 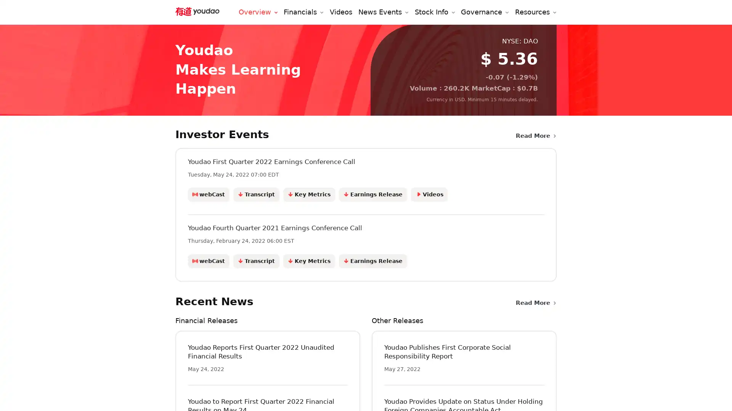 What do you see at coordinates (309, 260) in the screenshot?
I see `Key Metrics` at bounding box center [309, 260].